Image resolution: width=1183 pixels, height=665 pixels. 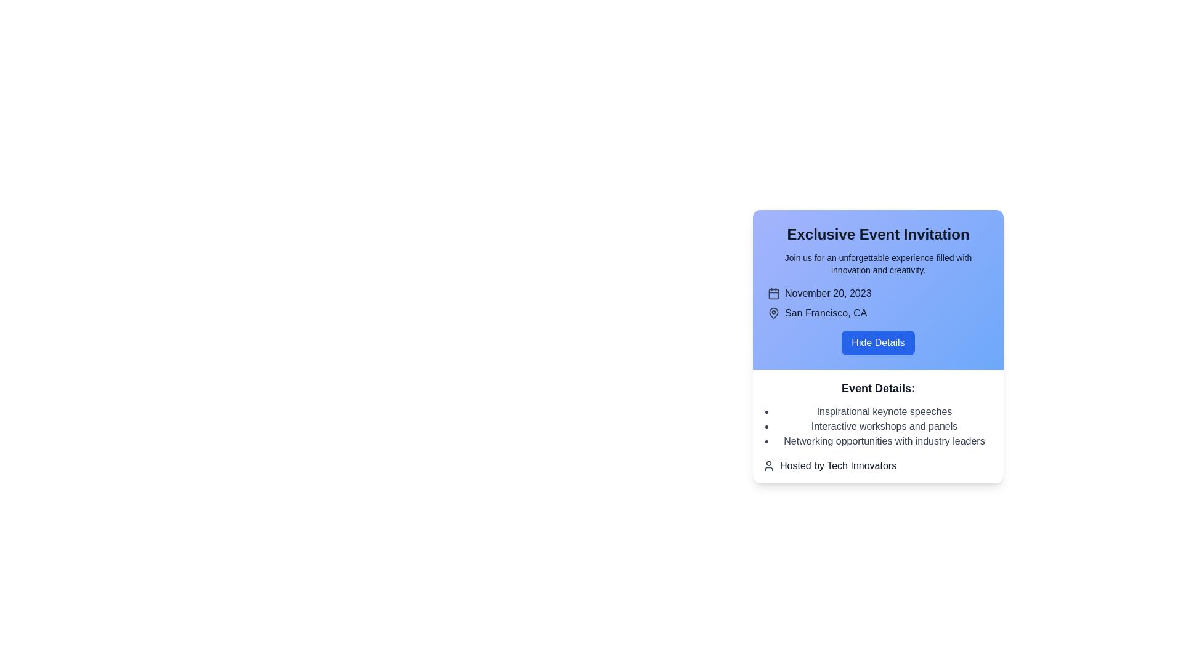 What do you see at coordinates (877, 389) in the screenshot?
I see `the Text Label located in the central part of the card interface, positioned above the list of items and below the 'Hide Details' button` at bounding box center [877, 389].